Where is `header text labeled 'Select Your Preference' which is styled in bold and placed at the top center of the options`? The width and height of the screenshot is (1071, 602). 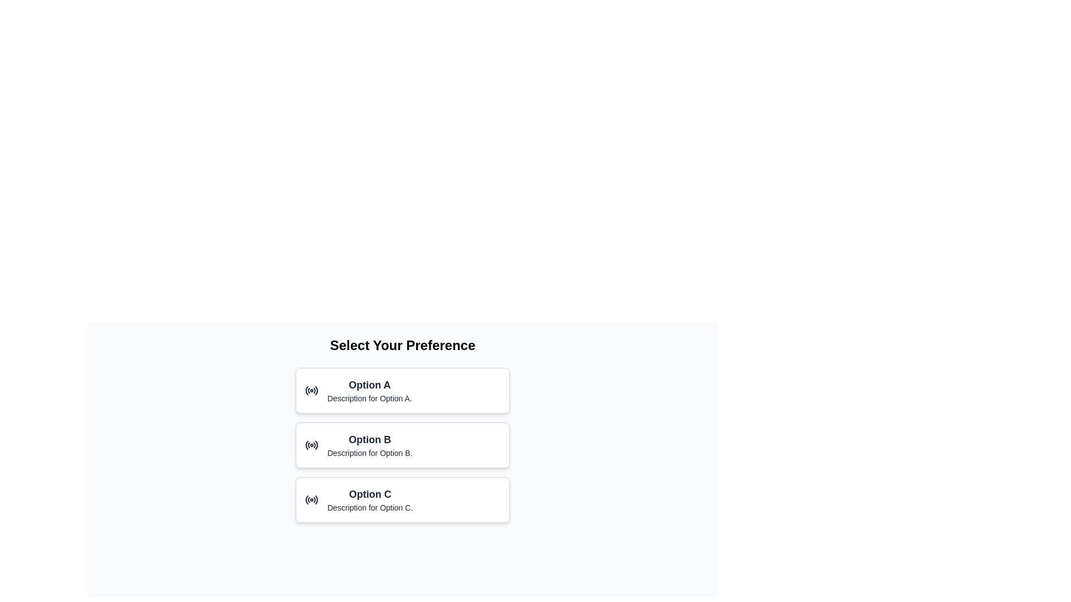
header text labeled 'Select Your Preference' which is styled in bold and placed at the top center of the options is located at coordinates (402, 345).